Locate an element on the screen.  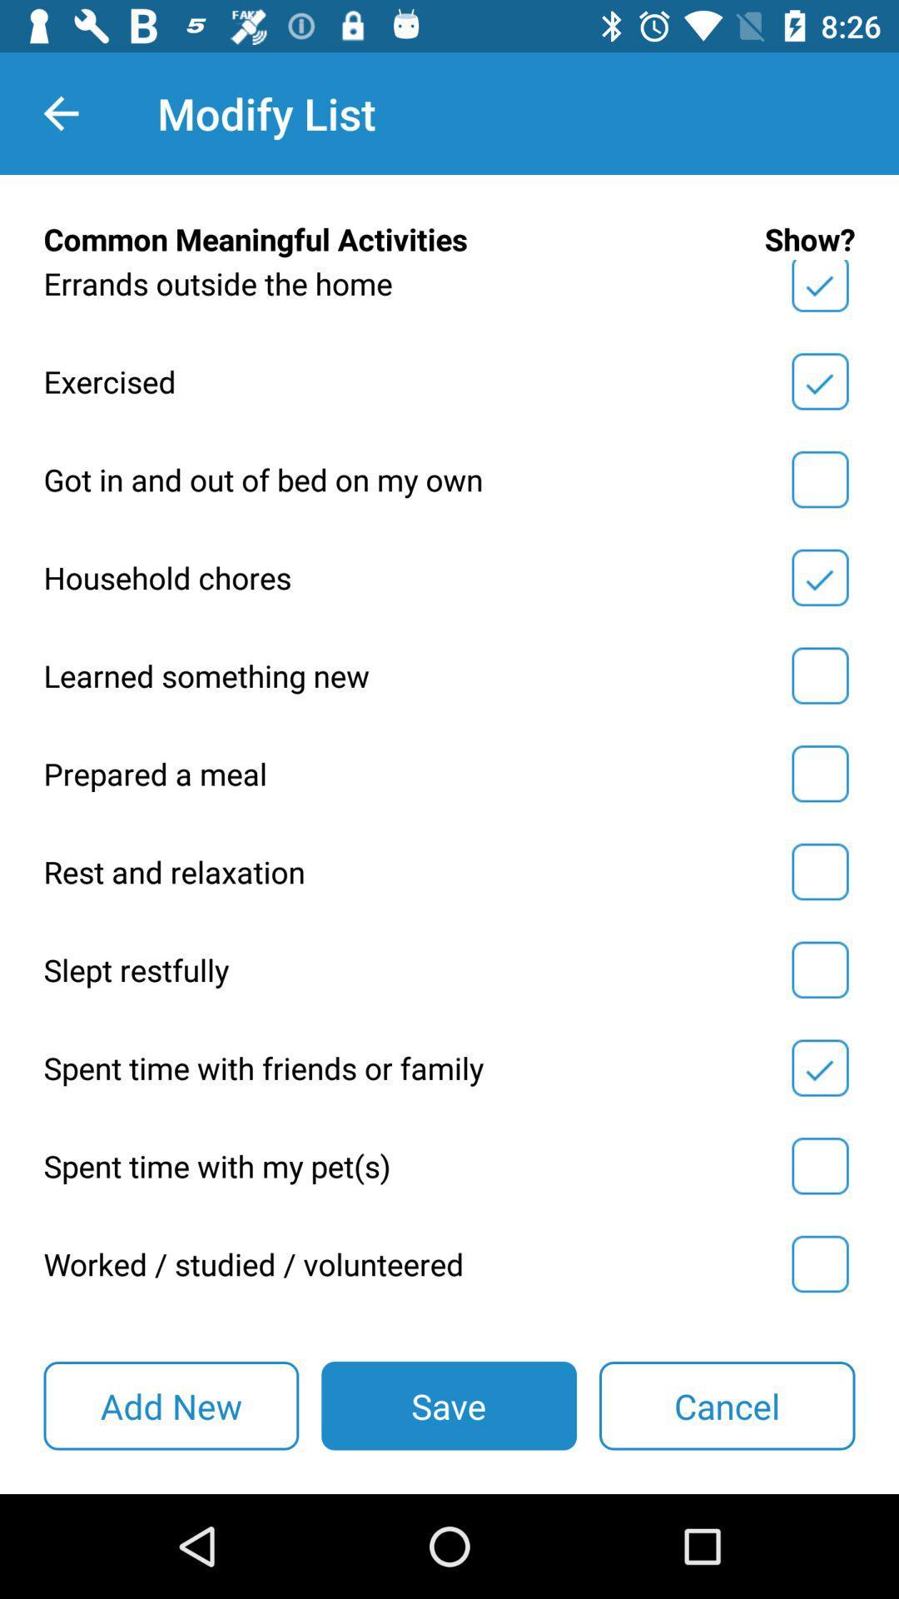
icon to the left of cancel item is located at coordinates (448, 1405).